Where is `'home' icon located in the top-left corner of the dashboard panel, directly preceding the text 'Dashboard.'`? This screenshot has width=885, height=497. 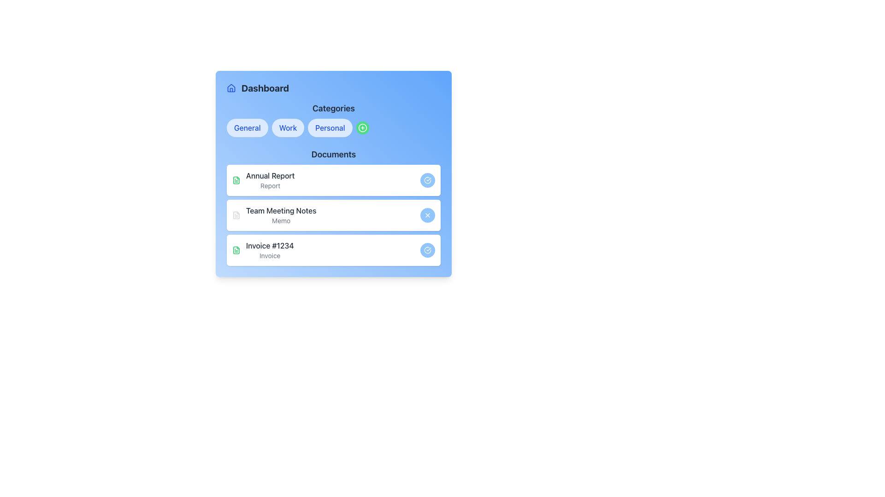 'home' icon located in the top-left corner of the dashboard panel, directly preceding the text 'Dashboard.' is located at coordinates (231, 88).